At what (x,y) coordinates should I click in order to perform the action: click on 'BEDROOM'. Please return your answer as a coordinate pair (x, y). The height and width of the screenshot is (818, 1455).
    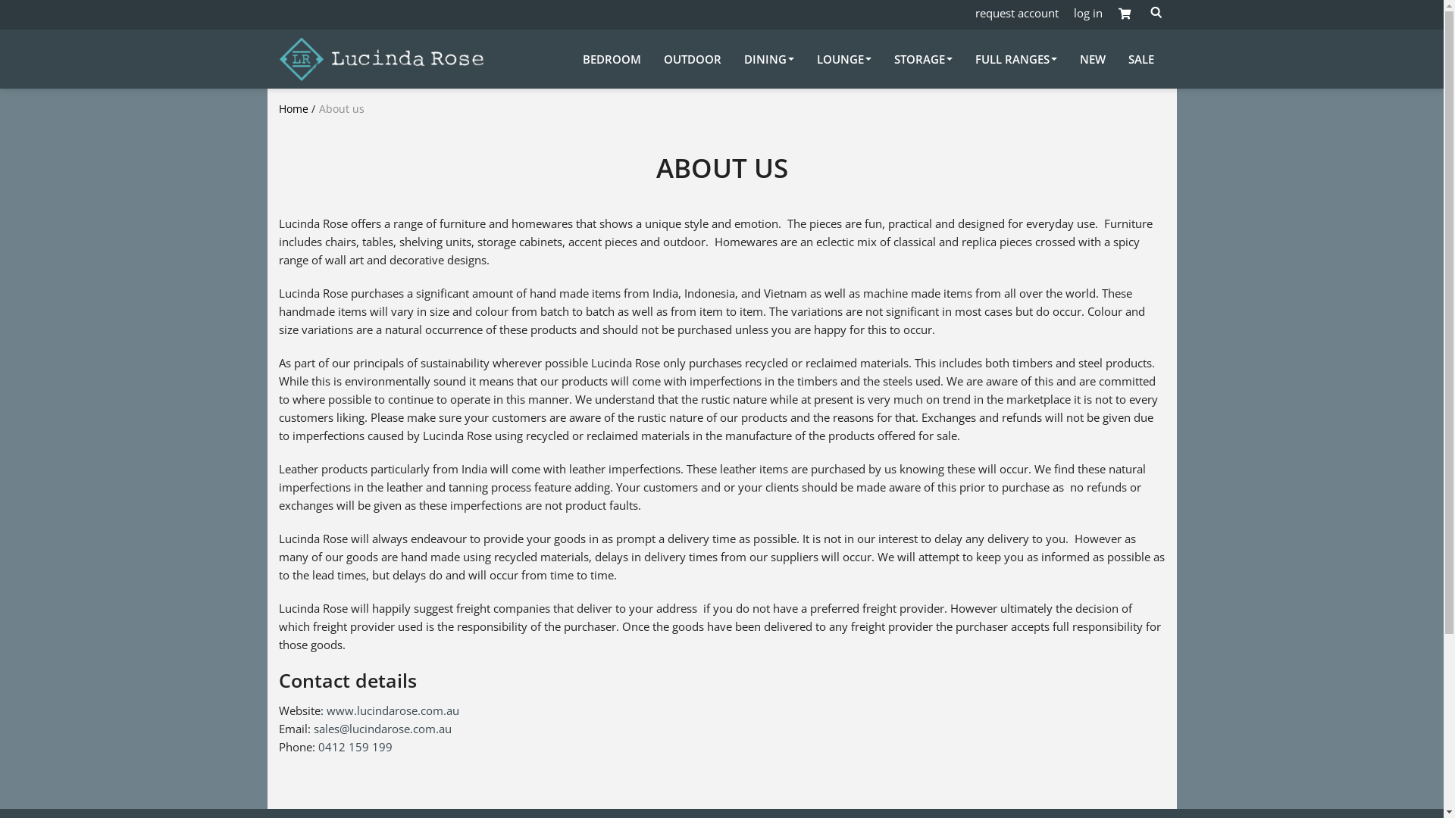
    Looking at the image, I should click on (611, 58).